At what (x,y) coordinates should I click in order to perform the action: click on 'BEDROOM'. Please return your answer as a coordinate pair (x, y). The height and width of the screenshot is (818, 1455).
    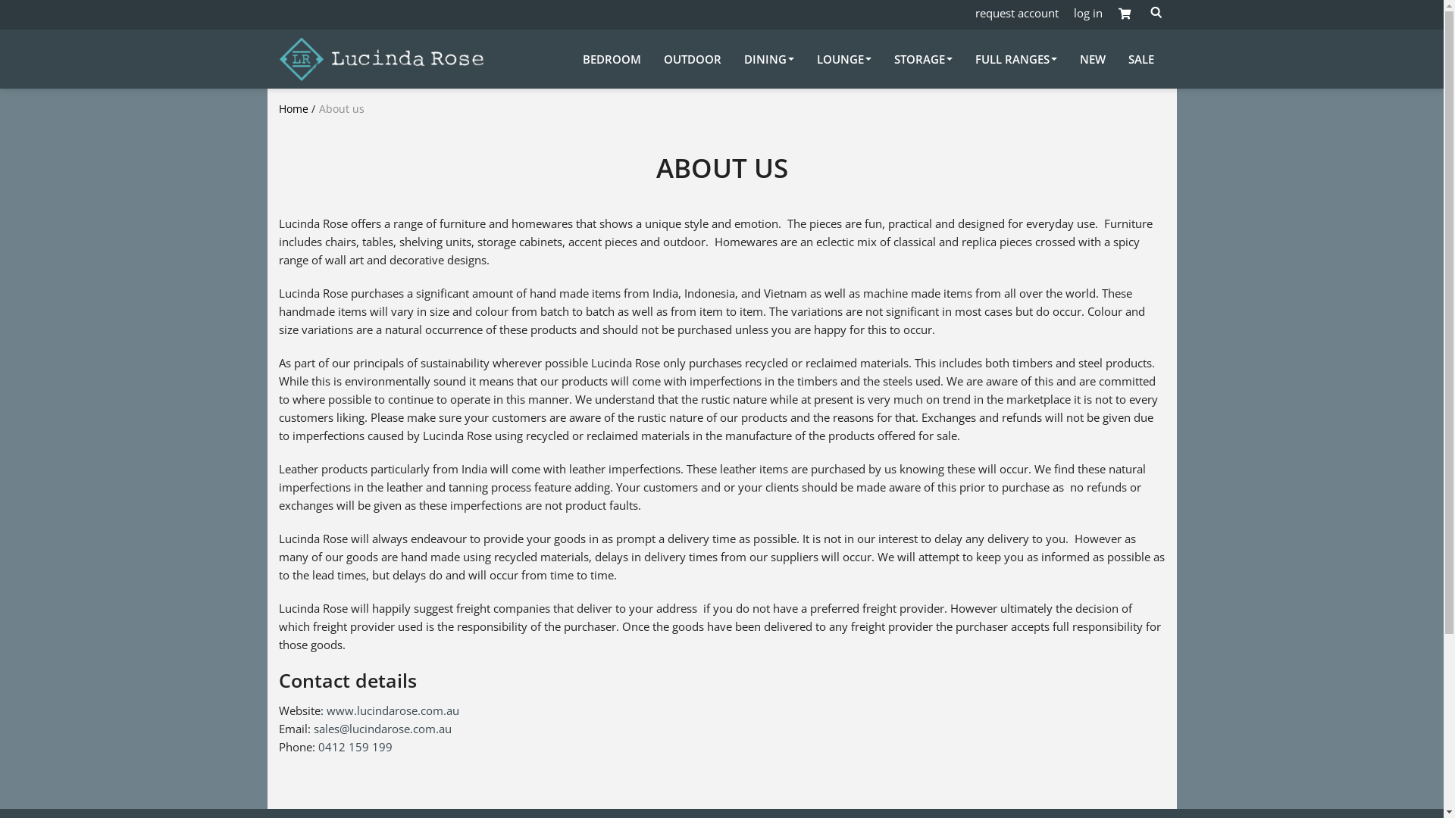
    Looking at the image, I should click on (611, 58).